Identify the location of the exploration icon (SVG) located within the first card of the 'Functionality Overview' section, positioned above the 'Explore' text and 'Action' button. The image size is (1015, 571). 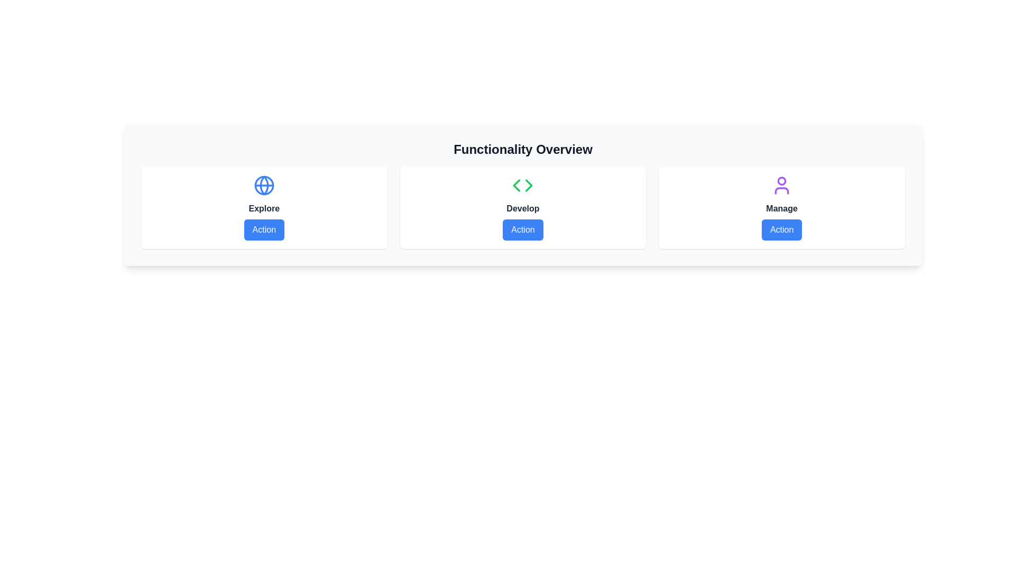
(264, 185).